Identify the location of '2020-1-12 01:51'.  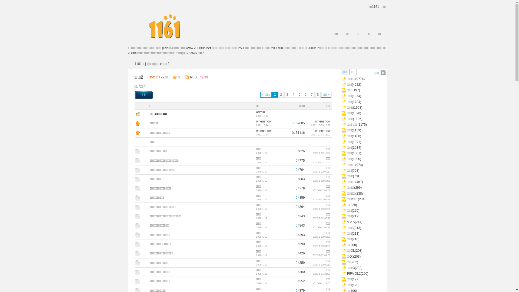
(321, 246).